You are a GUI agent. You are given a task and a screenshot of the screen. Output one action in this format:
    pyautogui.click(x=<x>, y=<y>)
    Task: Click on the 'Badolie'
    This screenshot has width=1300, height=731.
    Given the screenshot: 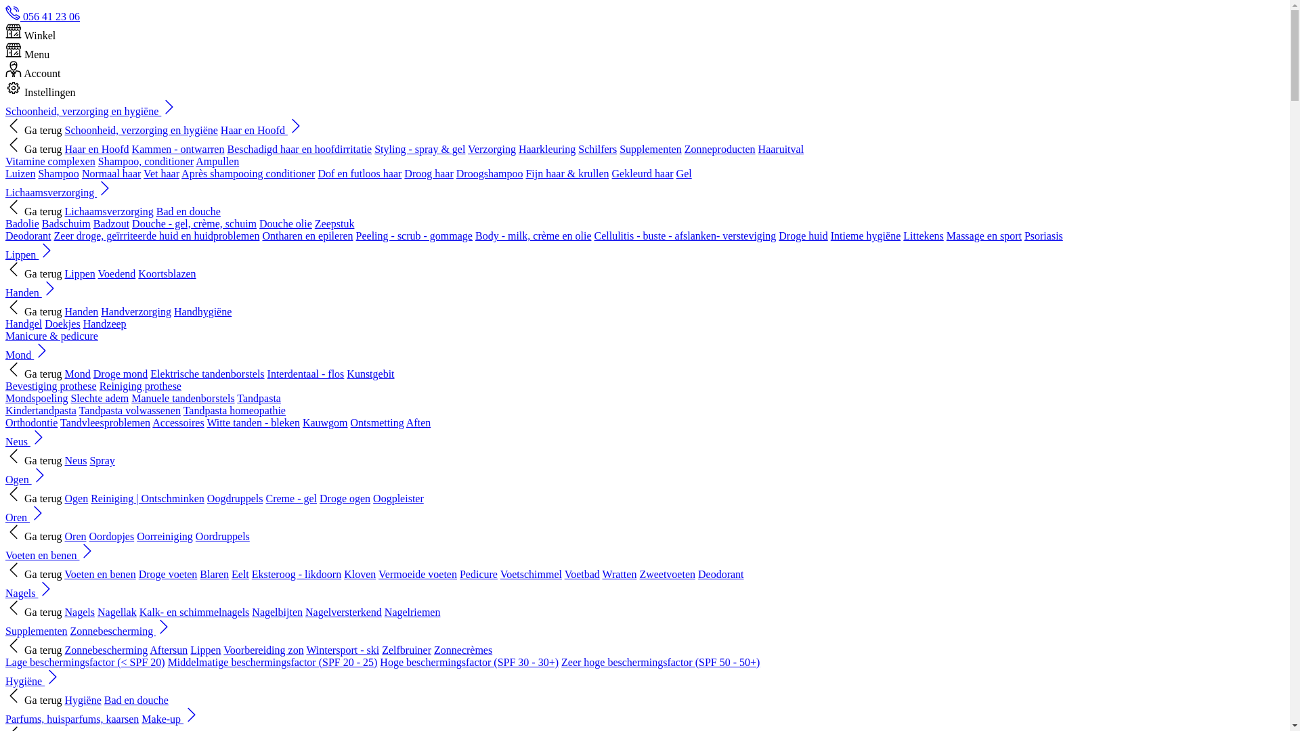 What is the action you would take?
    pyautogui.click(x=22, y=223)
    